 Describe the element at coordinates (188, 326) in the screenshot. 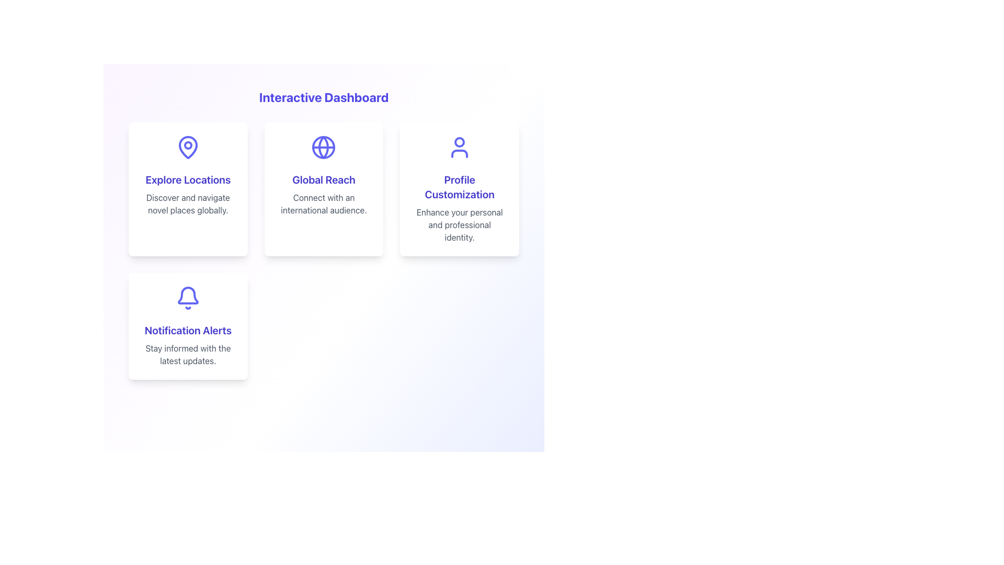

I see `information displayed on the Information Card about notification alerts and updates, located in the lower-left corner of the grid layout` at that location.